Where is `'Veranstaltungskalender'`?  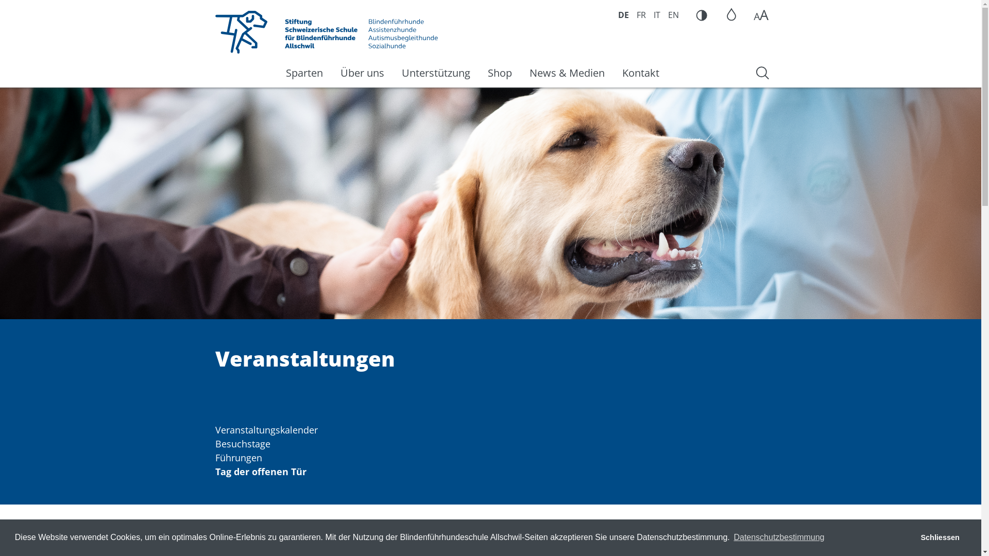
'Veranstaltungskalender' is located at coordinates (266, 429).